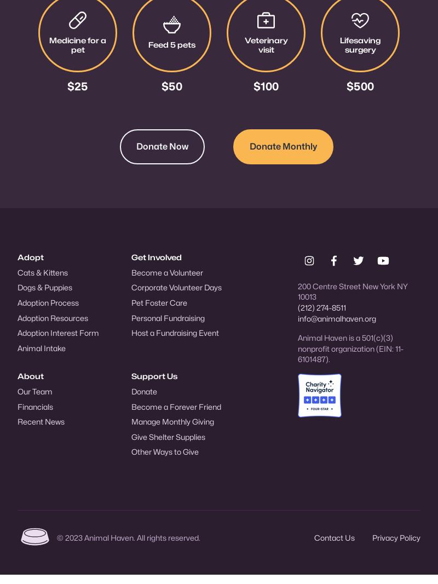 The image size is (438, 584). I want to click on 'info@animalhaven.org', so click(337, 317).